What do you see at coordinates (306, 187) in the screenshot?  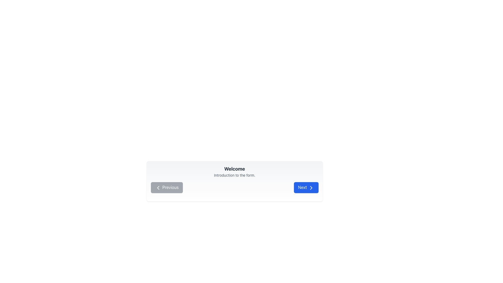 I see `the rightmost navigation button at the bottom of the interface panel` at bounding box center [306, 187].